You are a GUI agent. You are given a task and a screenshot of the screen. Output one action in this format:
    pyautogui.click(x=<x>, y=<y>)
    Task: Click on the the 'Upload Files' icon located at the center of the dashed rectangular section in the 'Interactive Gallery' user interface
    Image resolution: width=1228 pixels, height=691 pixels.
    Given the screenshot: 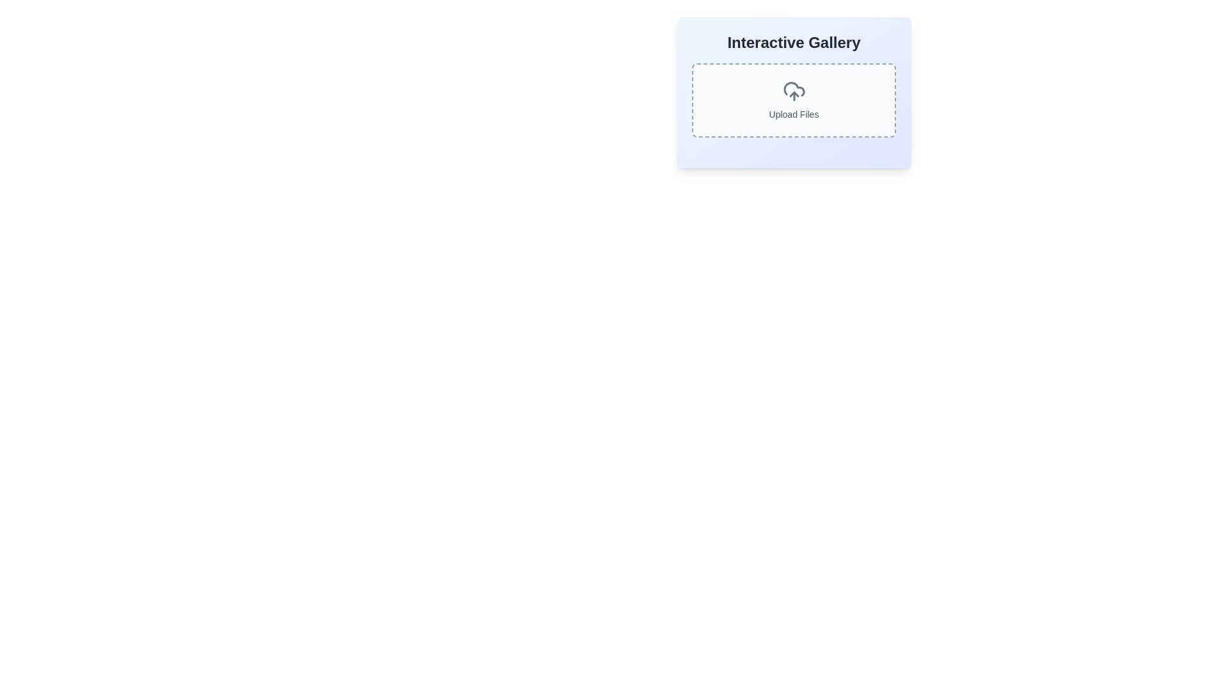 What is the action you would take?
    pyautogui.click(x=793, y=90)
    